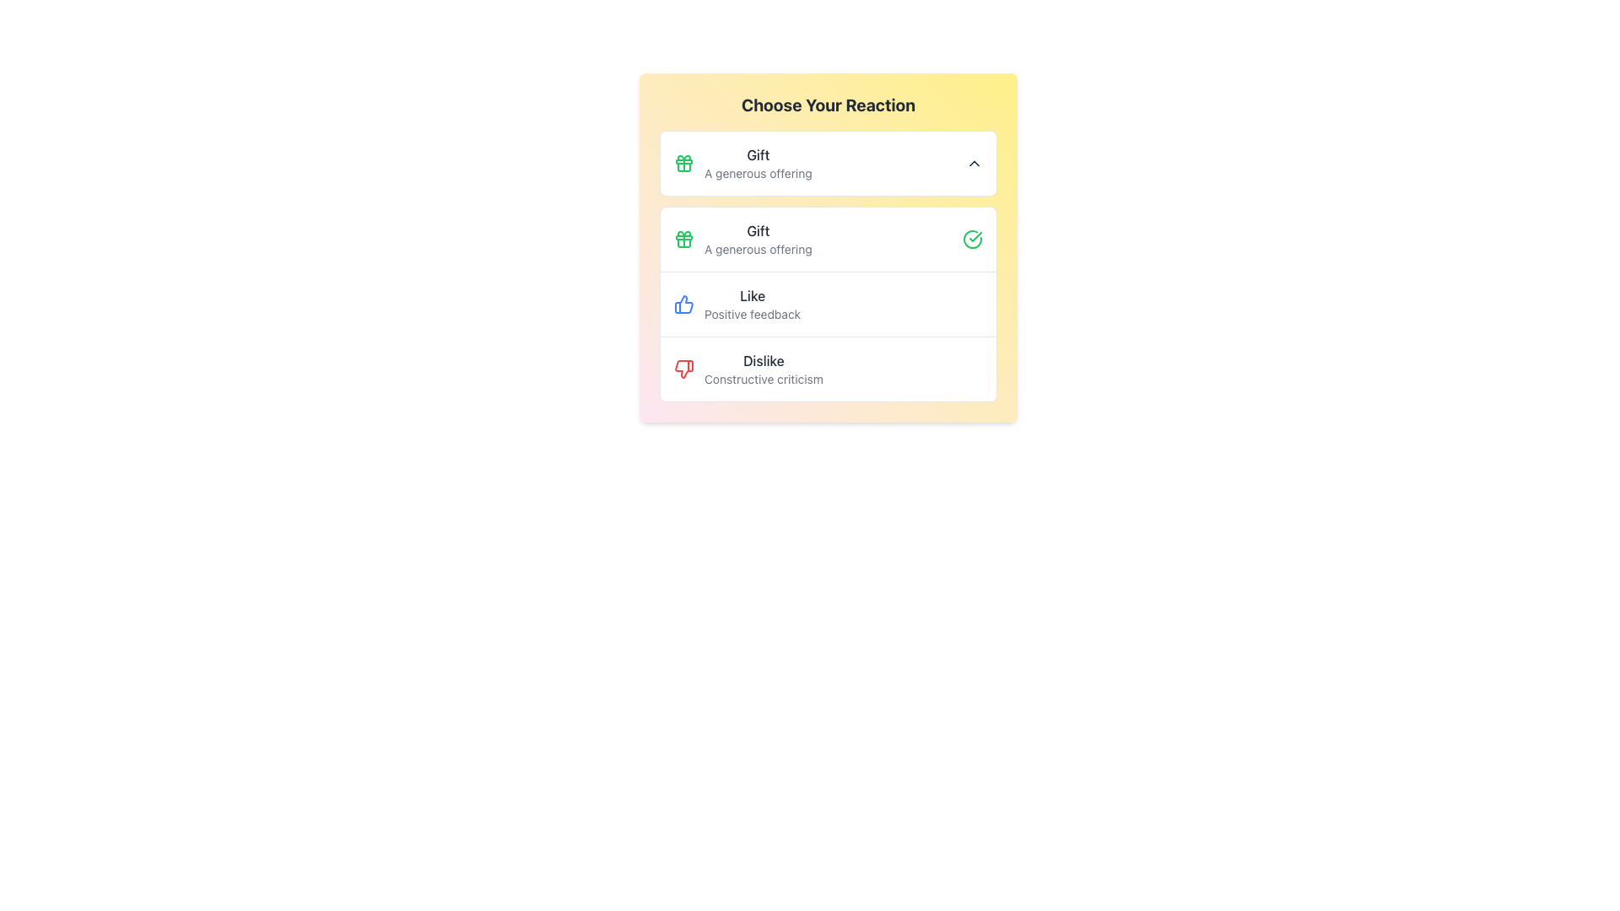 This screenshot has width=1620, height=911. What do you see at coordinates (684, 237) in the screenshot?
I see `the decorative graphic element that serves as the rectangular base of the gift box icon in the second listed reaction option` at bounding box center [684, 237].